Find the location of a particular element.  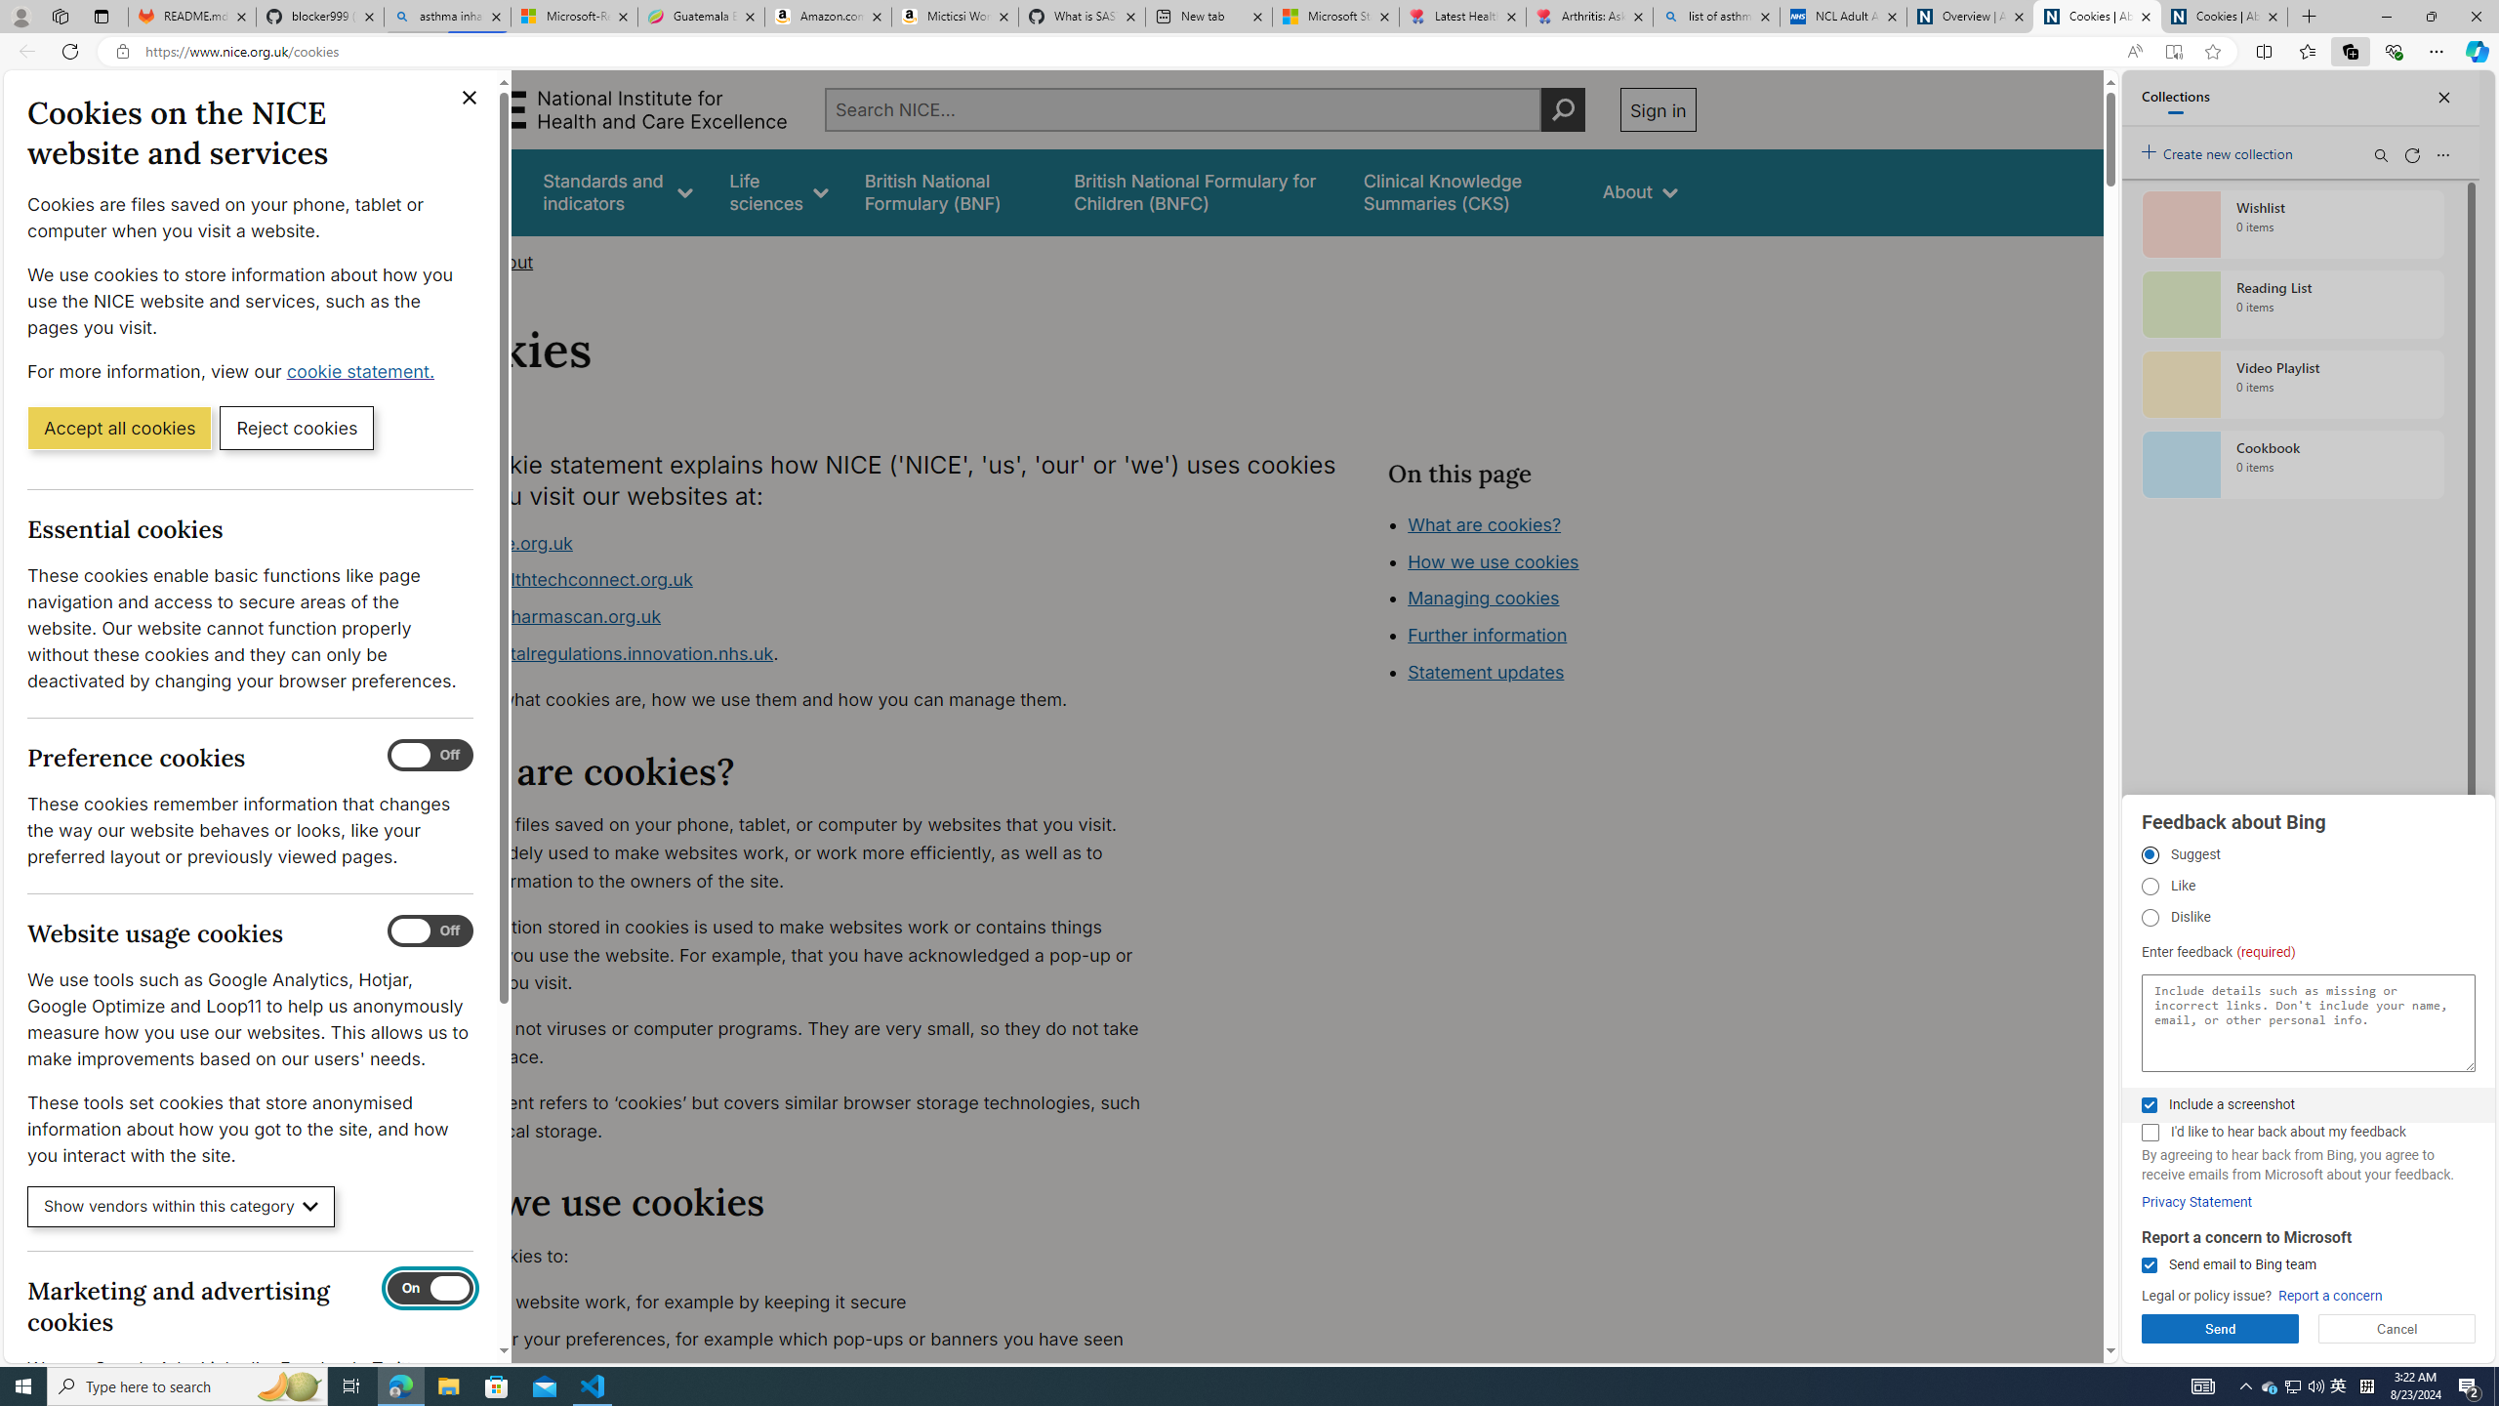

'www.healthtechconnect.org.uk' is located at coordinates (561, 579).